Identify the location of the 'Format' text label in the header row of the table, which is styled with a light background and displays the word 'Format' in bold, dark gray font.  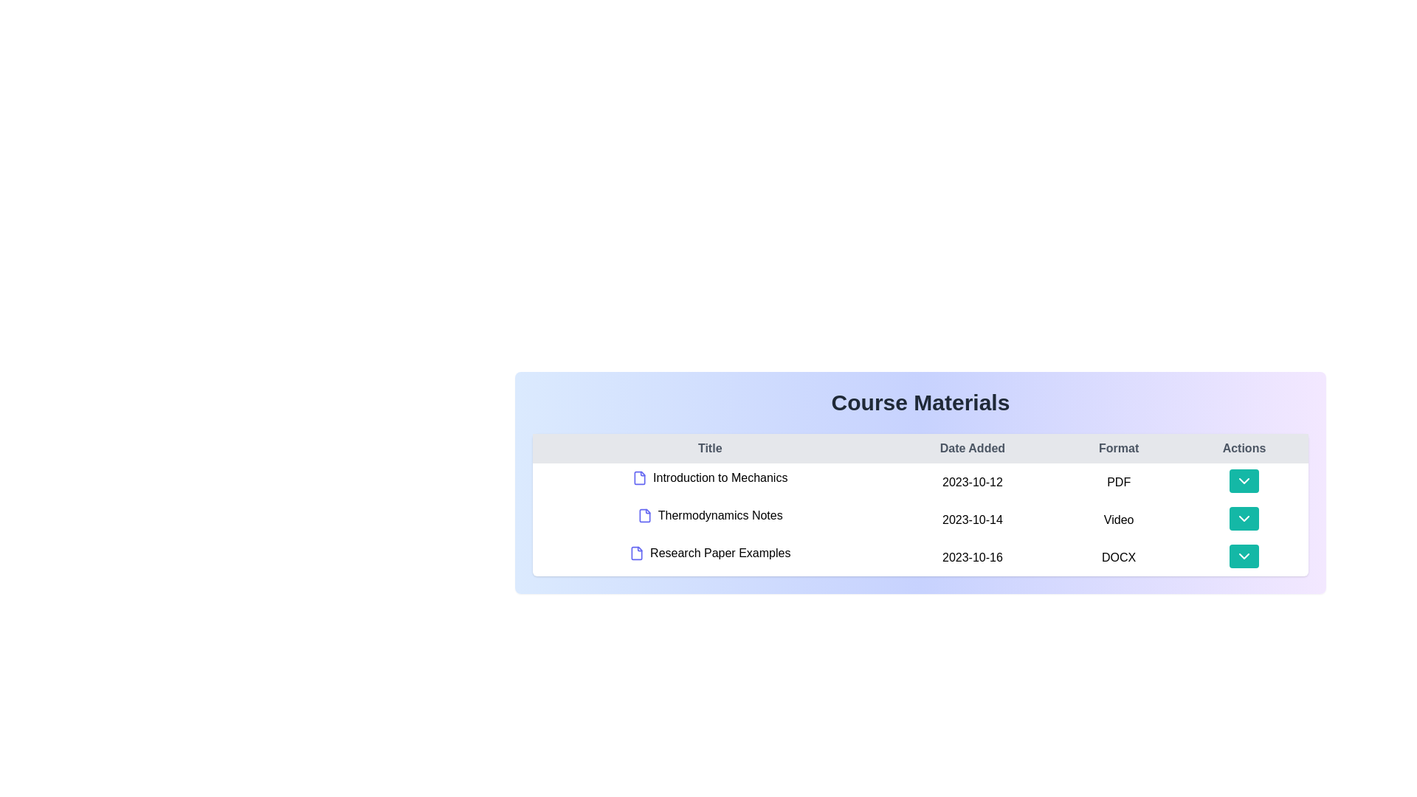
(1119, 448).